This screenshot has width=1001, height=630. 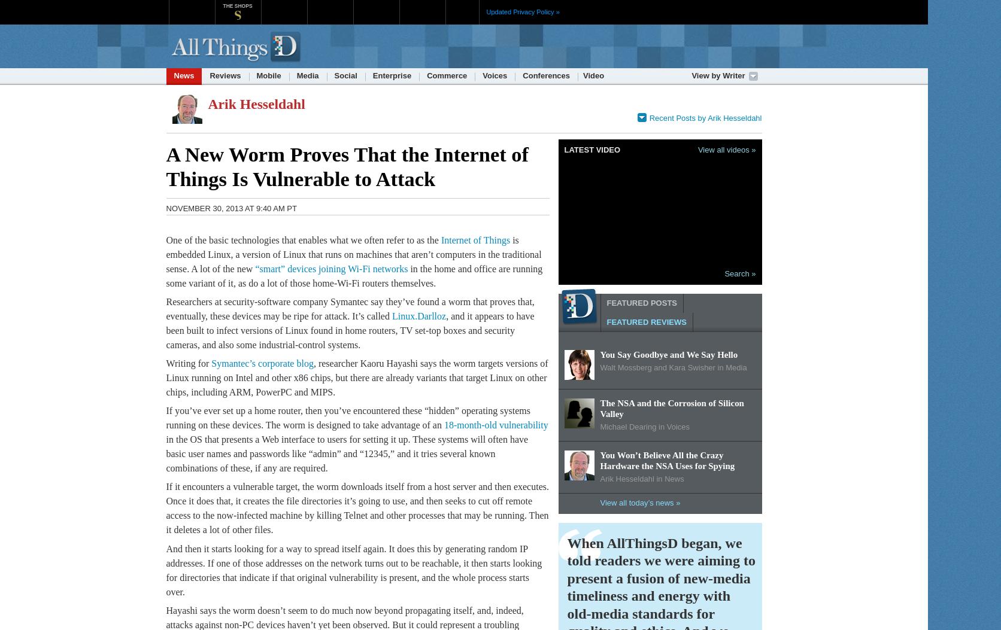 What do you see at coordinates (225, 75) in the screenshot?
I see `'Reviews'` at bounding box center [225, 75].